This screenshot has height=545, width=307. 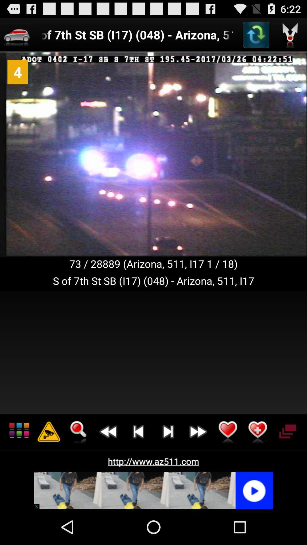 I want to click on the av_forward icon, so click(x=198, y=462).